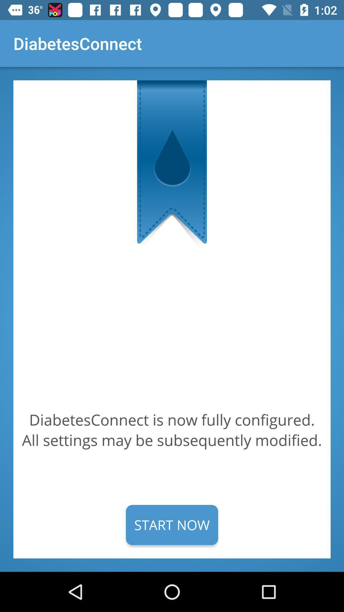  I want to click on the icon below diabetesconnect is now icon, so click(172, 525).